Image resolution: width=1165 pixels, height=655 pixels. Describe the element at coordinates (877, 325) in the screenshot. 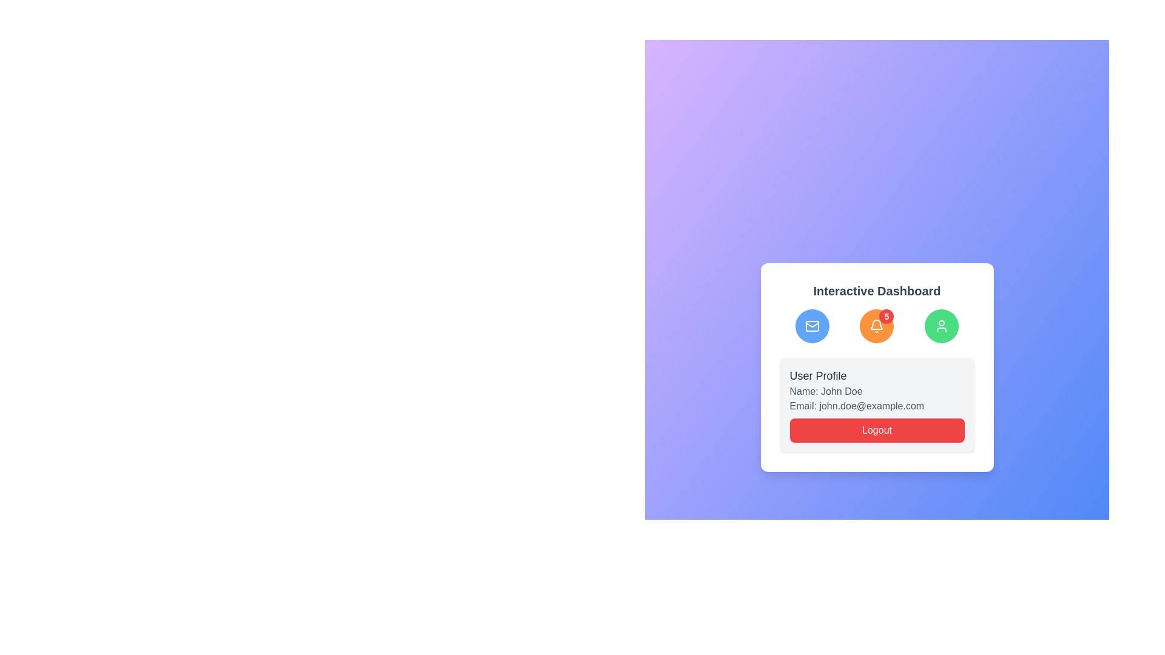

I see `the orange circular notification button with a white outline of a bell icon` at that location.